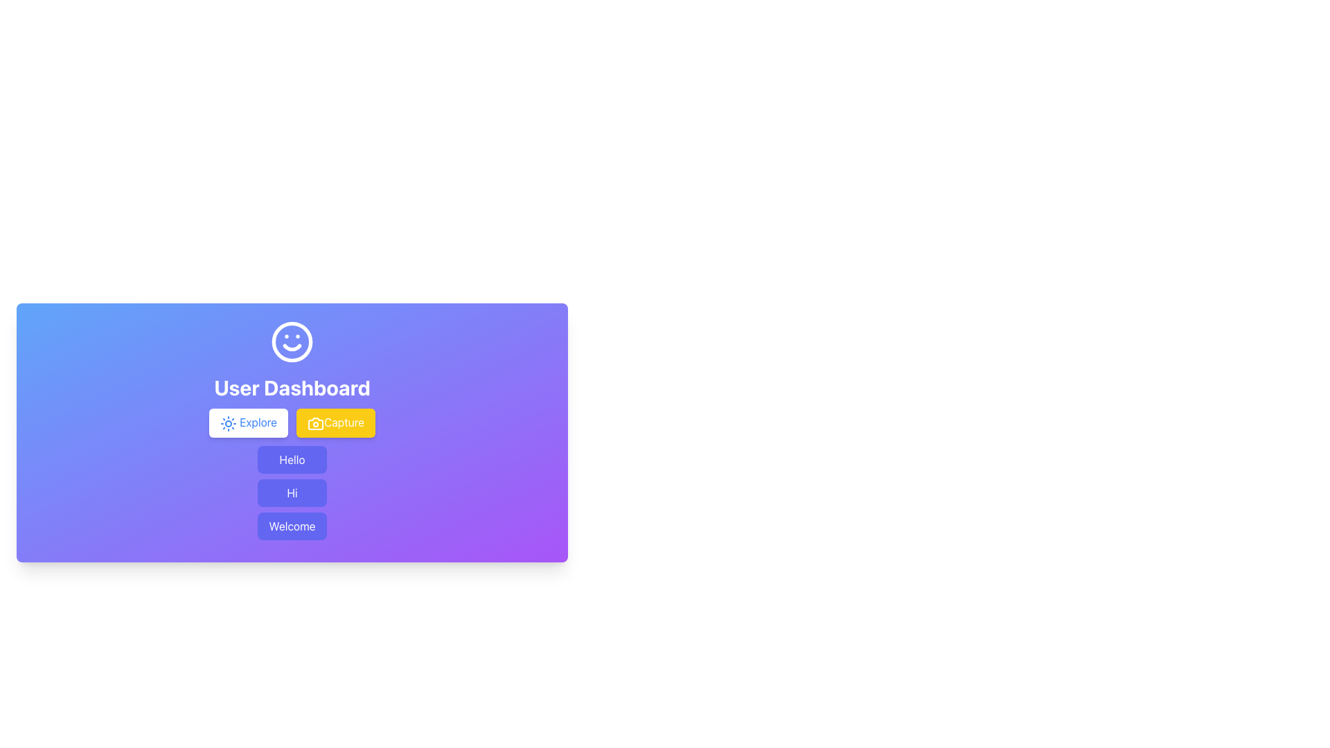  I want to click on text label 'User Dashboard' which is a bold, large white font situated vertically centered above the buttons 'Explore' and 'Capture', so click(292, 387).